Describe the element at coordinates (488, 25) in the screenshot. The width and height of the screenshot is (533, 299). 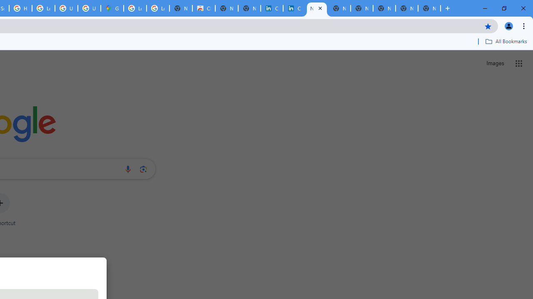
I see `'Bookmark this tab'` at that location.